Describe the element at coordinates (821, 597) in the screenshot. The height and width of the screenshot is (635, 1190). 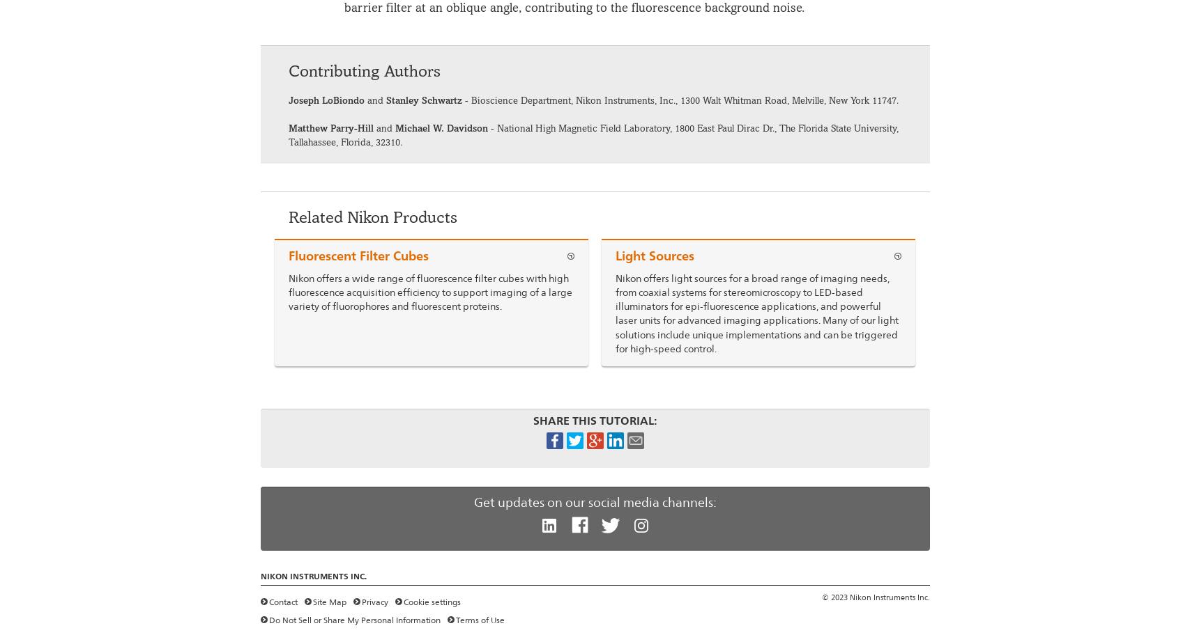
I see `'© 2023 Nikon Instruments Inc.'` at that location.